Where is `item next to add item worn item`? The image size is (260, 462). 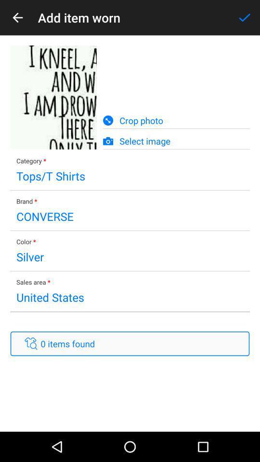 item next to add item worn item is located at coordinates (245, 17).